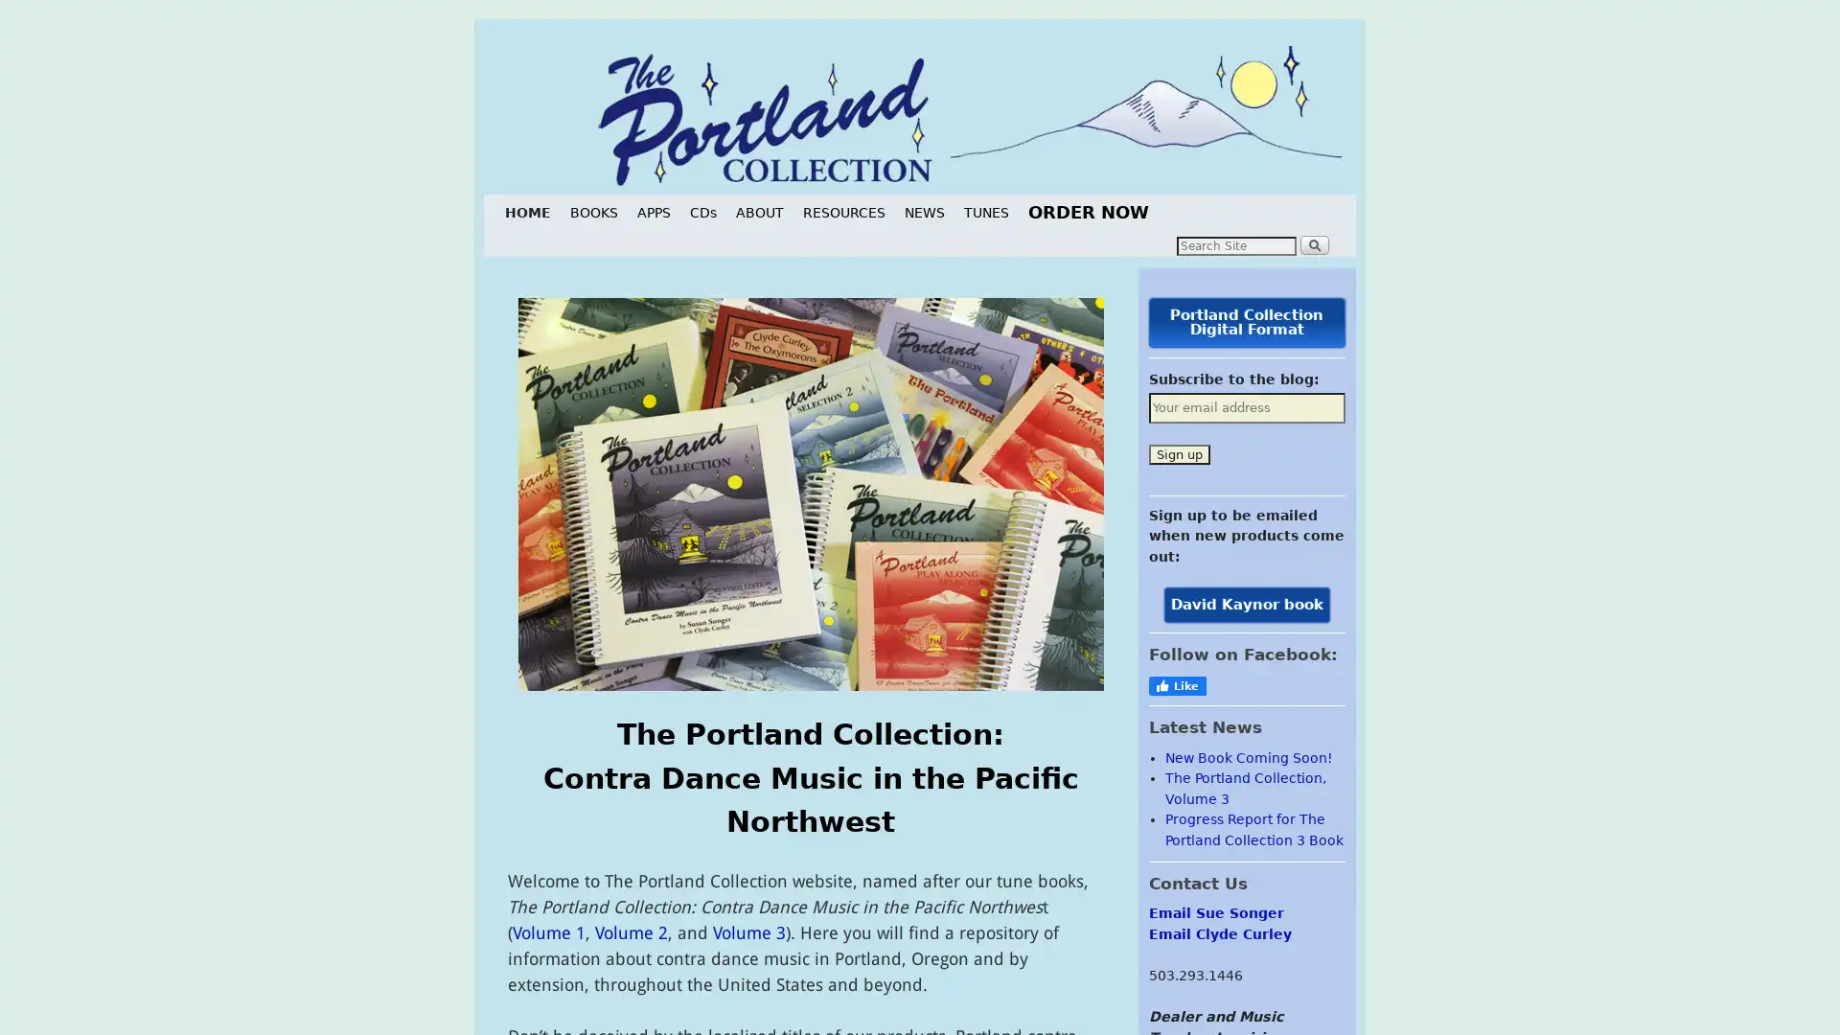 The image size is (1840, 1035). What do you see at coordinates (1314, 242) in the screenshot?
I see `Search` at bounding box center [1314, 242].